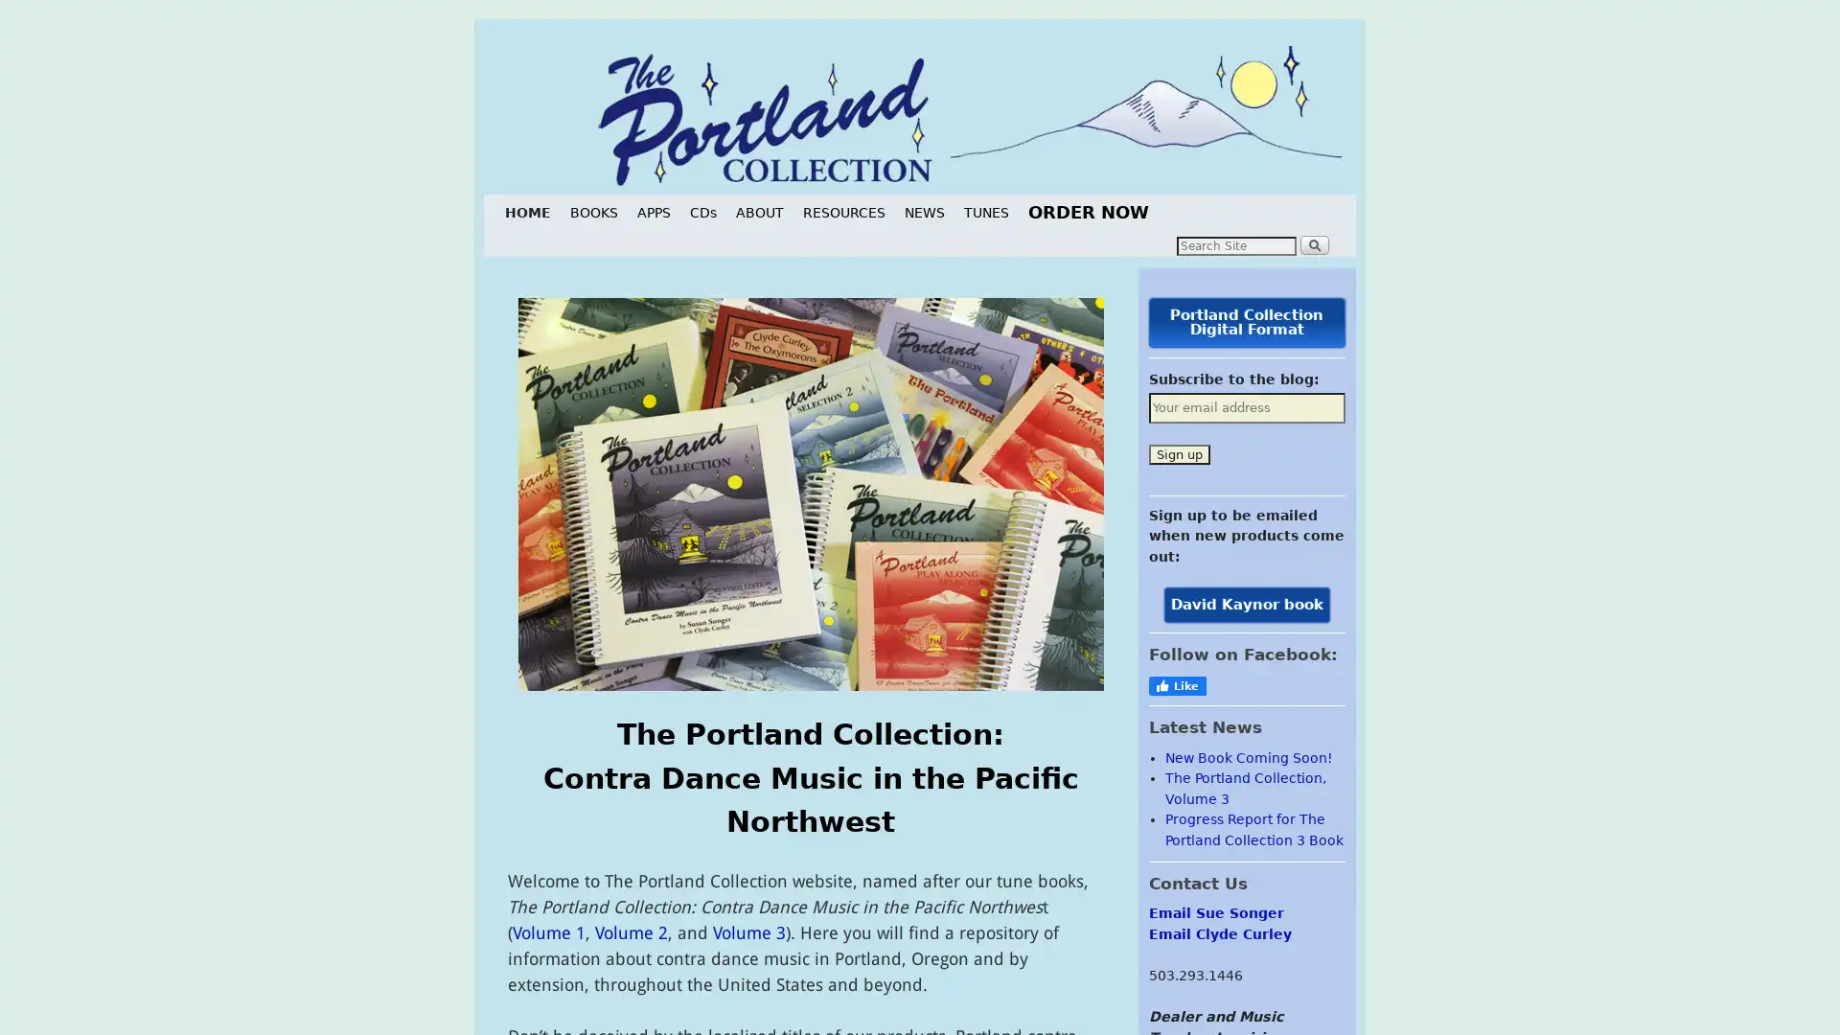 The image size is (1840, 1035). What do you see at coordinates (1314, 242) in the screenshot?
I see `Search` at bounding box center [1314, 242].